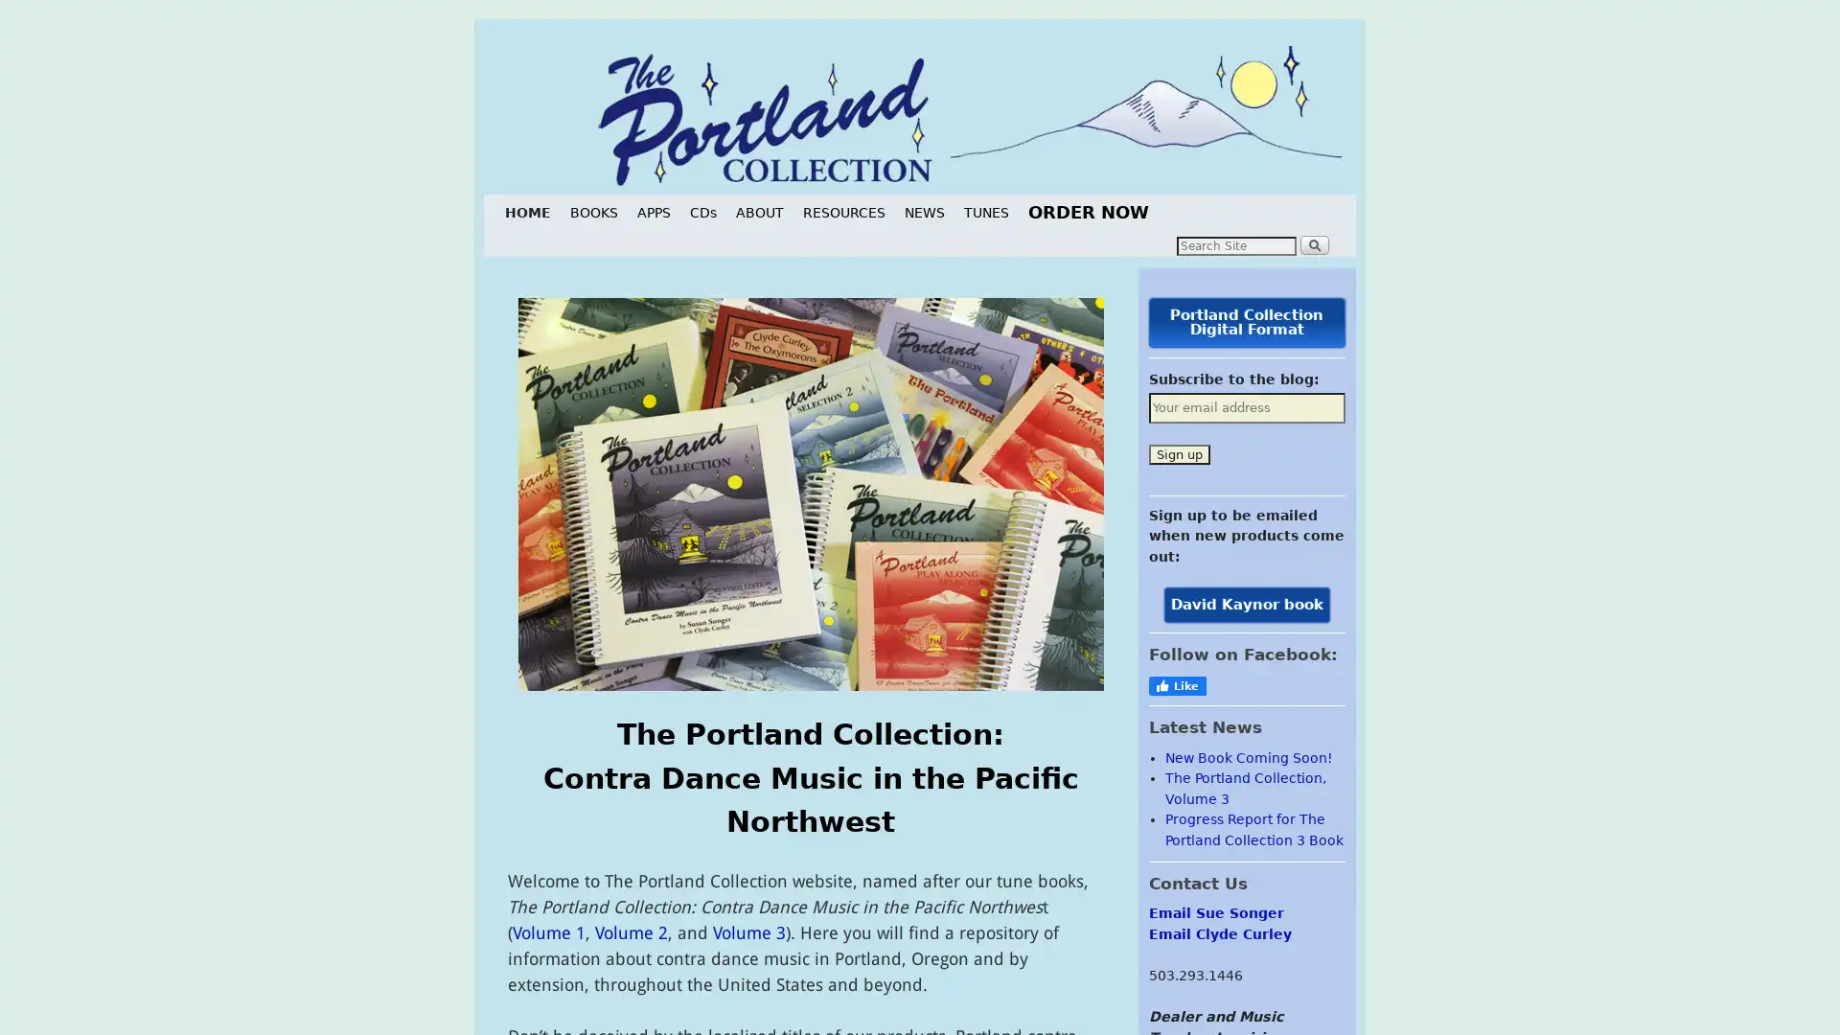 The image size is (1840, 1035). What do you see at coordinates (1314, 242) in the screenshot?
I see `Search` at bounding box center [1314, 242].